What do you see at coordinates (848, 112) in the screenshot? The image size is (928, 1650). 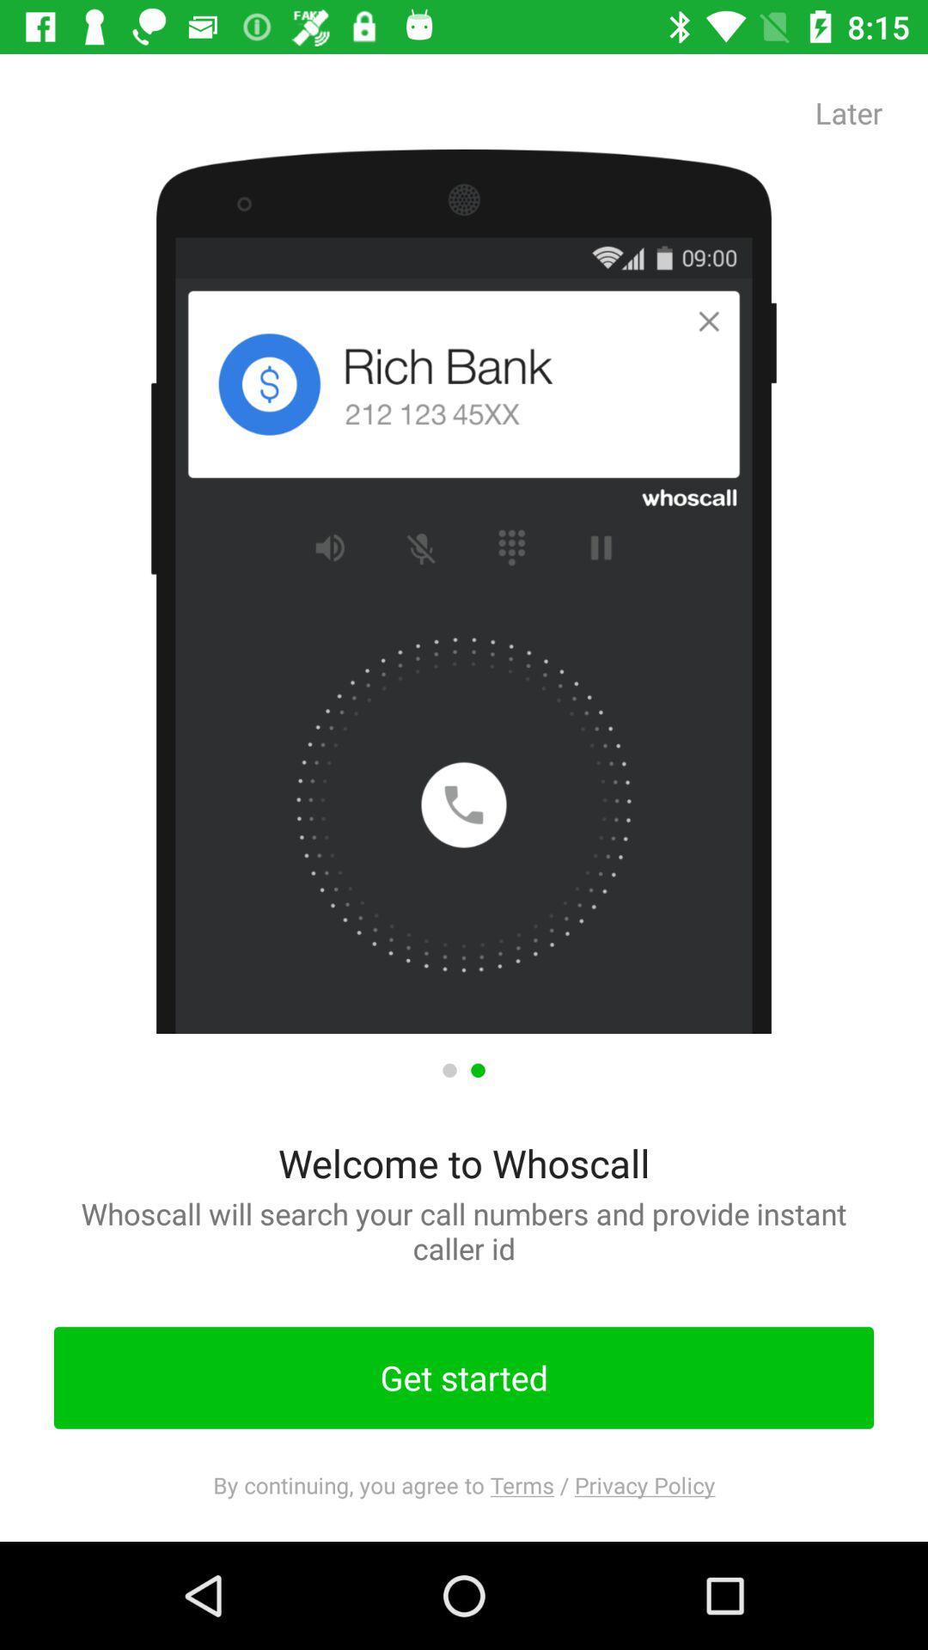 I see `later app` at bounding box center [848, 112].